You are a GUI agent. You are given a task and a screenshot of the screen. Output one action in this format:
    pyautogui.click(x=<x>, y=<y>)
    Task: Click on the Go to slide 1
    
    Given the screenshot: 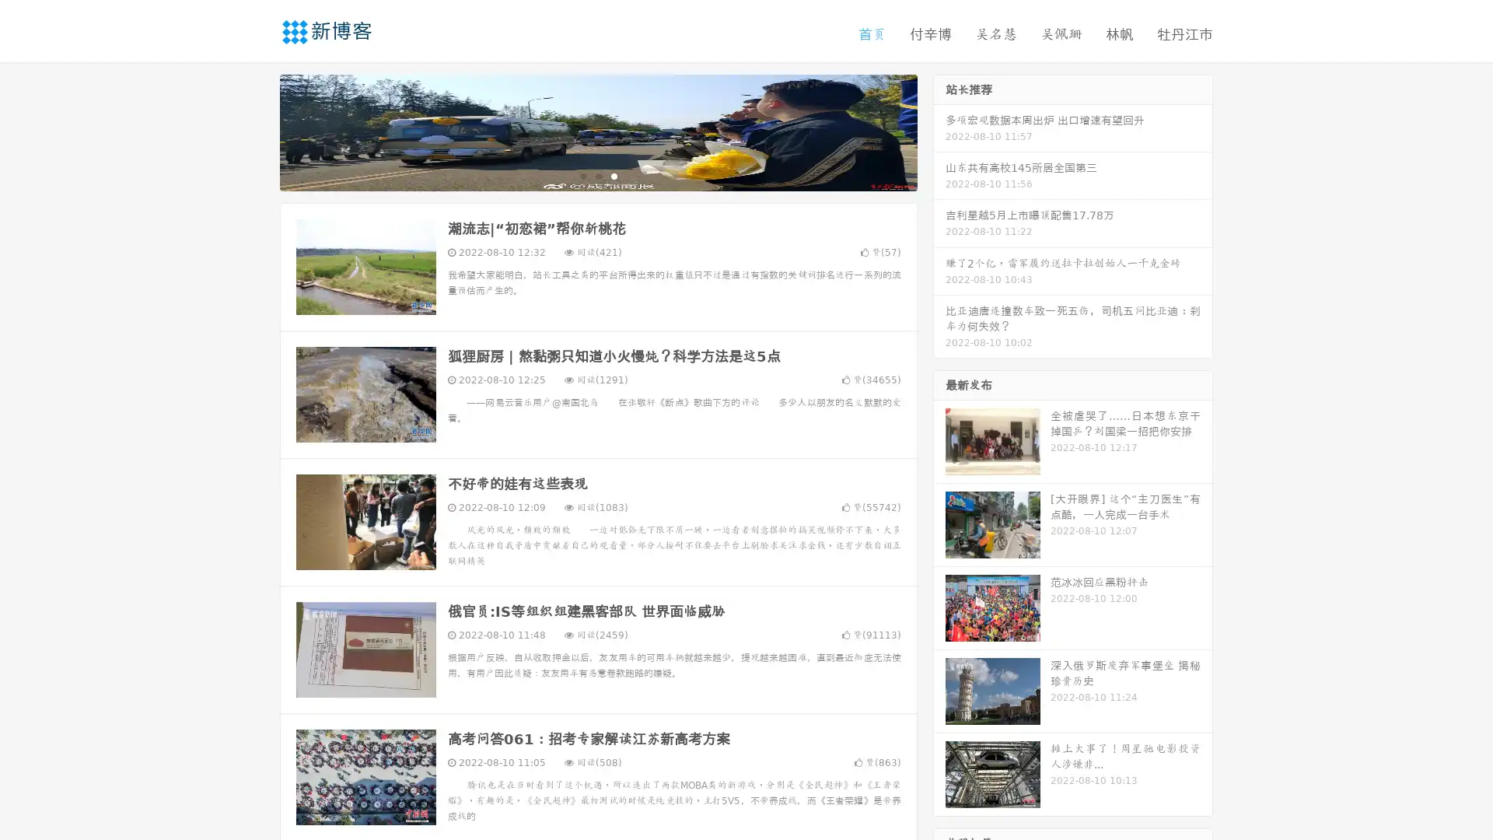 What is the action you would take?
    pyautogui.click(x=582, y=175)
    